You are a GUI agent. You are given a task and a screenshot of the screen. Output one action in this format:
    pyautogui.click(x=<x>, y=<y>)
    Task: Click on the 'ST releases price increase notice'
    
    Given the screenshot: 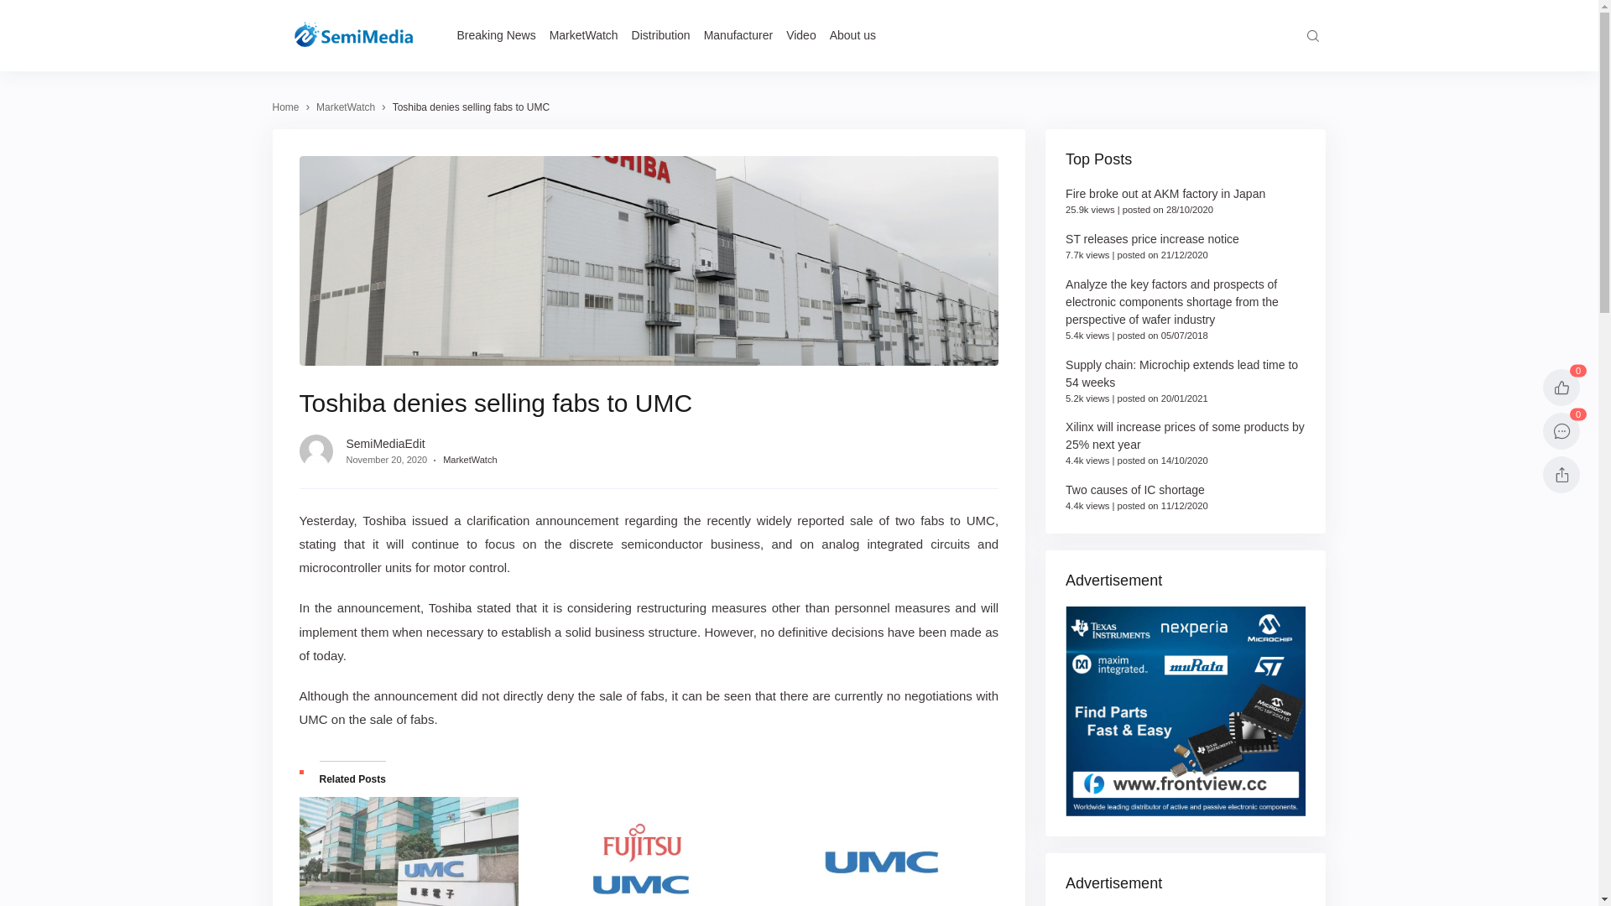 What is the action you would take?
    pyautogui.click(x=1151, y=239)
    